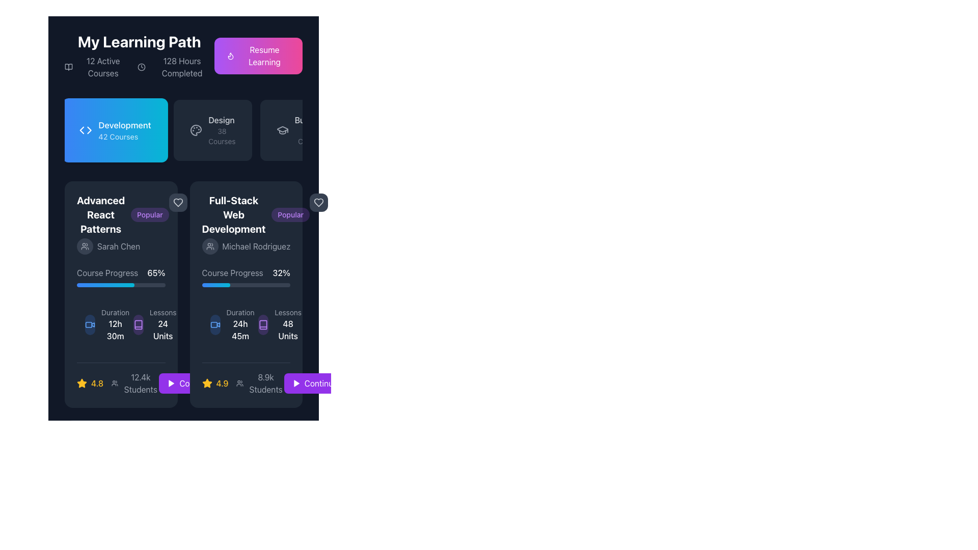 Image resolution: width=978 pixels, height=550 pixels. Describe the element at coordinates (134, 383) in the screenshot. I see `text label displaying '12.4k Students' alongside the group icon, located in the first course card at the bottom section, between the star rating and the 'Continue' button` at that location.